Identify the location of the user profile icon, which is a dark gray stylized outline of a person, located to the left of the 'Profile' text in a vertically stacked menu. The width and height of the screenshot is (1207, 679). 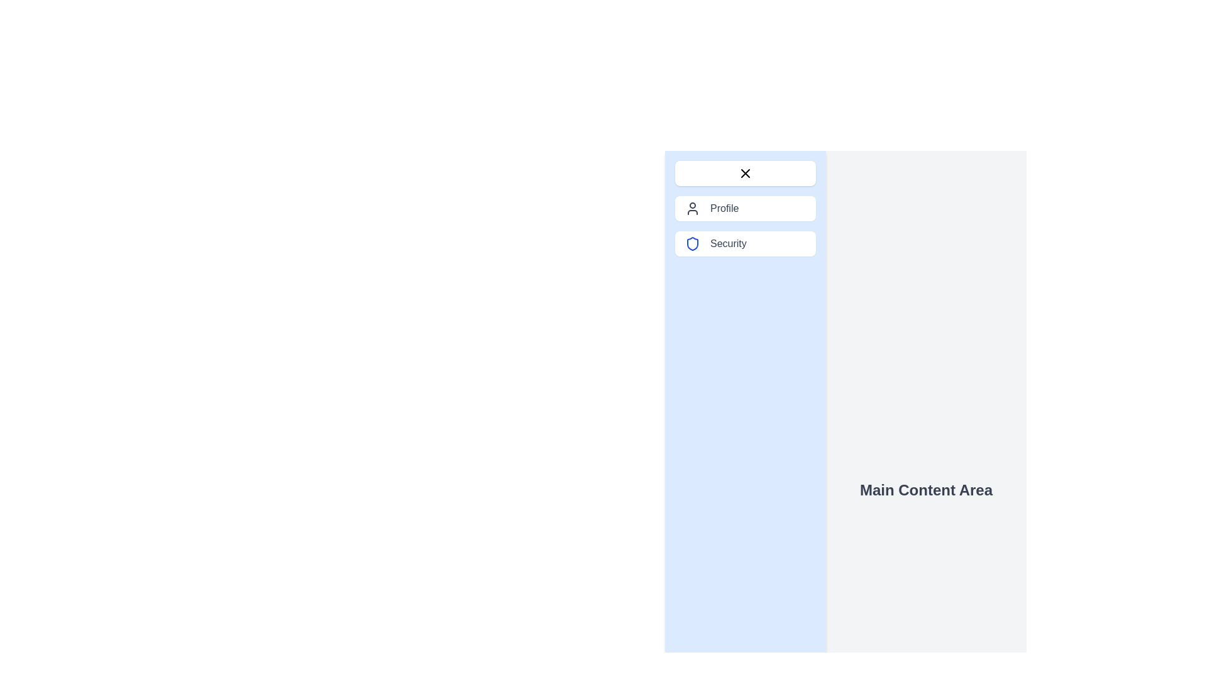
(692, 207).